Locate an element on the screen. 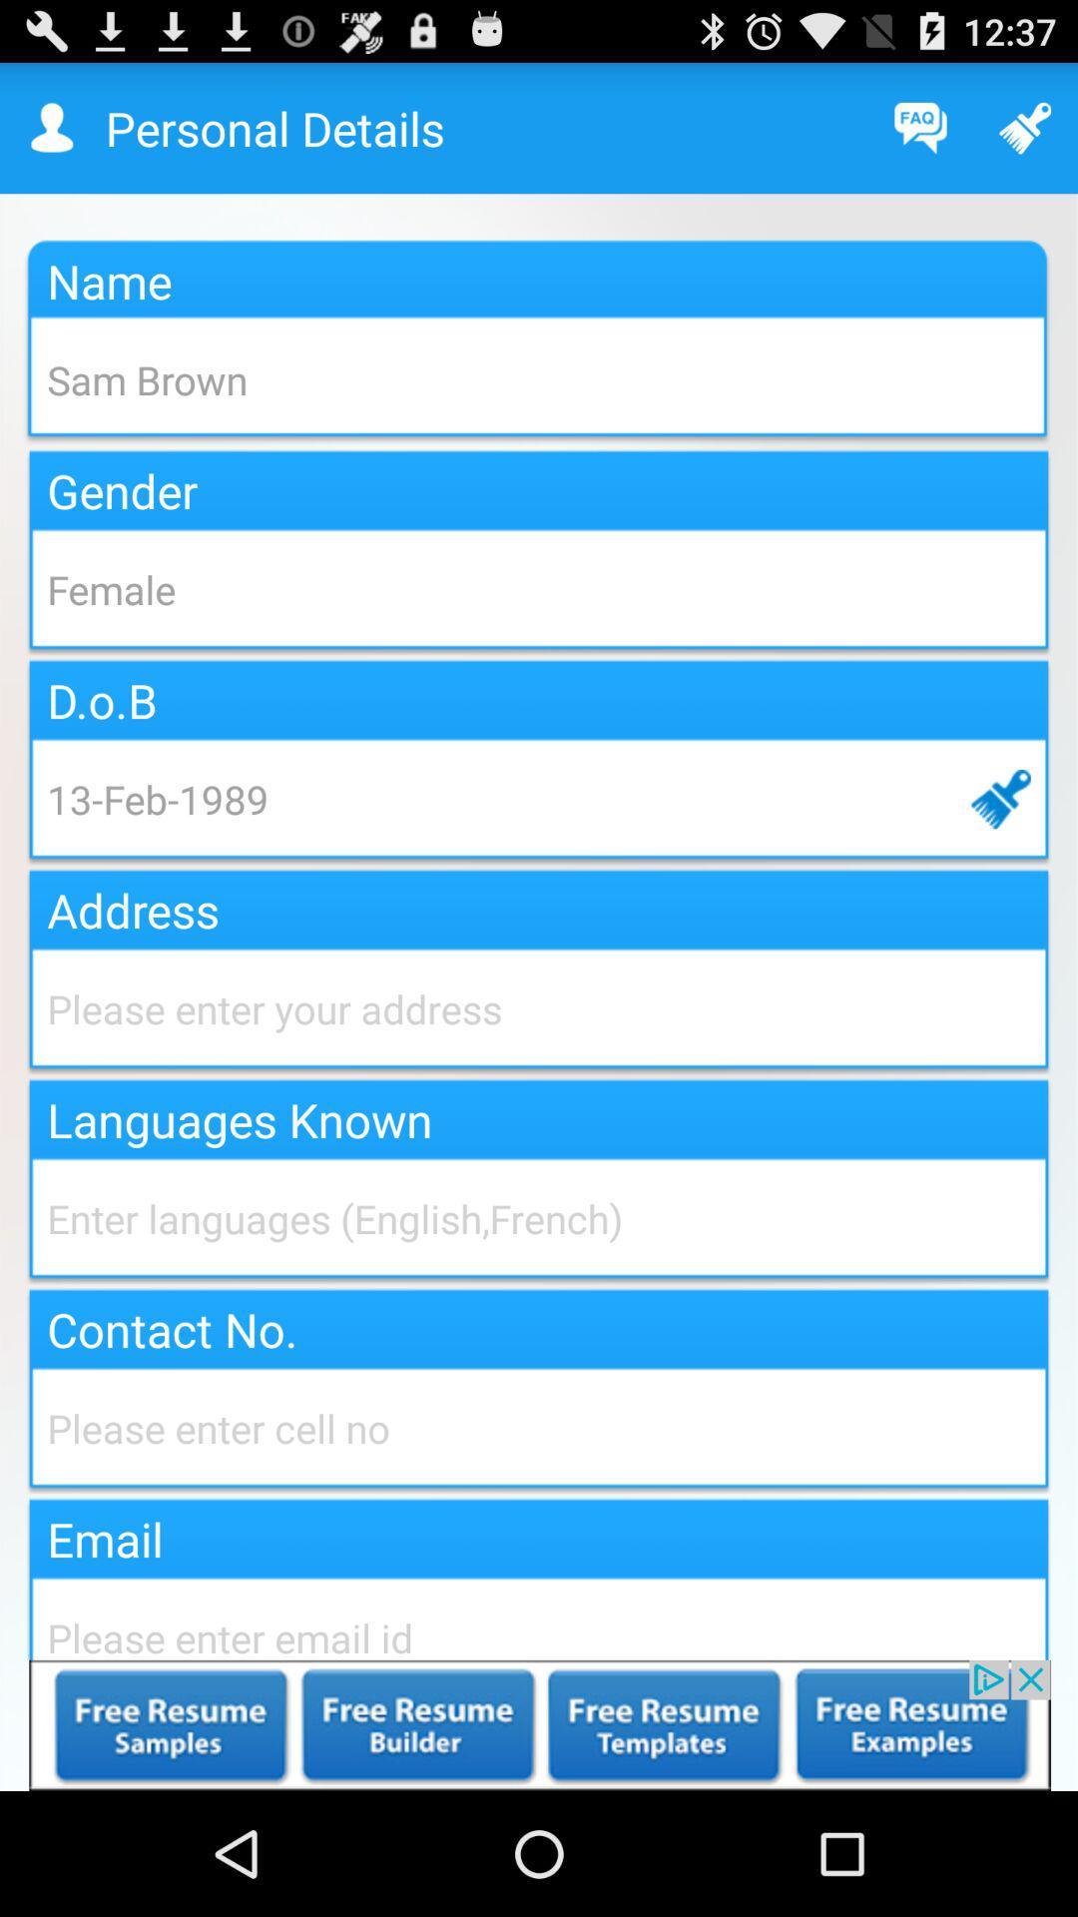 Image resolution: width=1078 pixels, height=1917 pixels. address is located at coordinates (539, 1008).